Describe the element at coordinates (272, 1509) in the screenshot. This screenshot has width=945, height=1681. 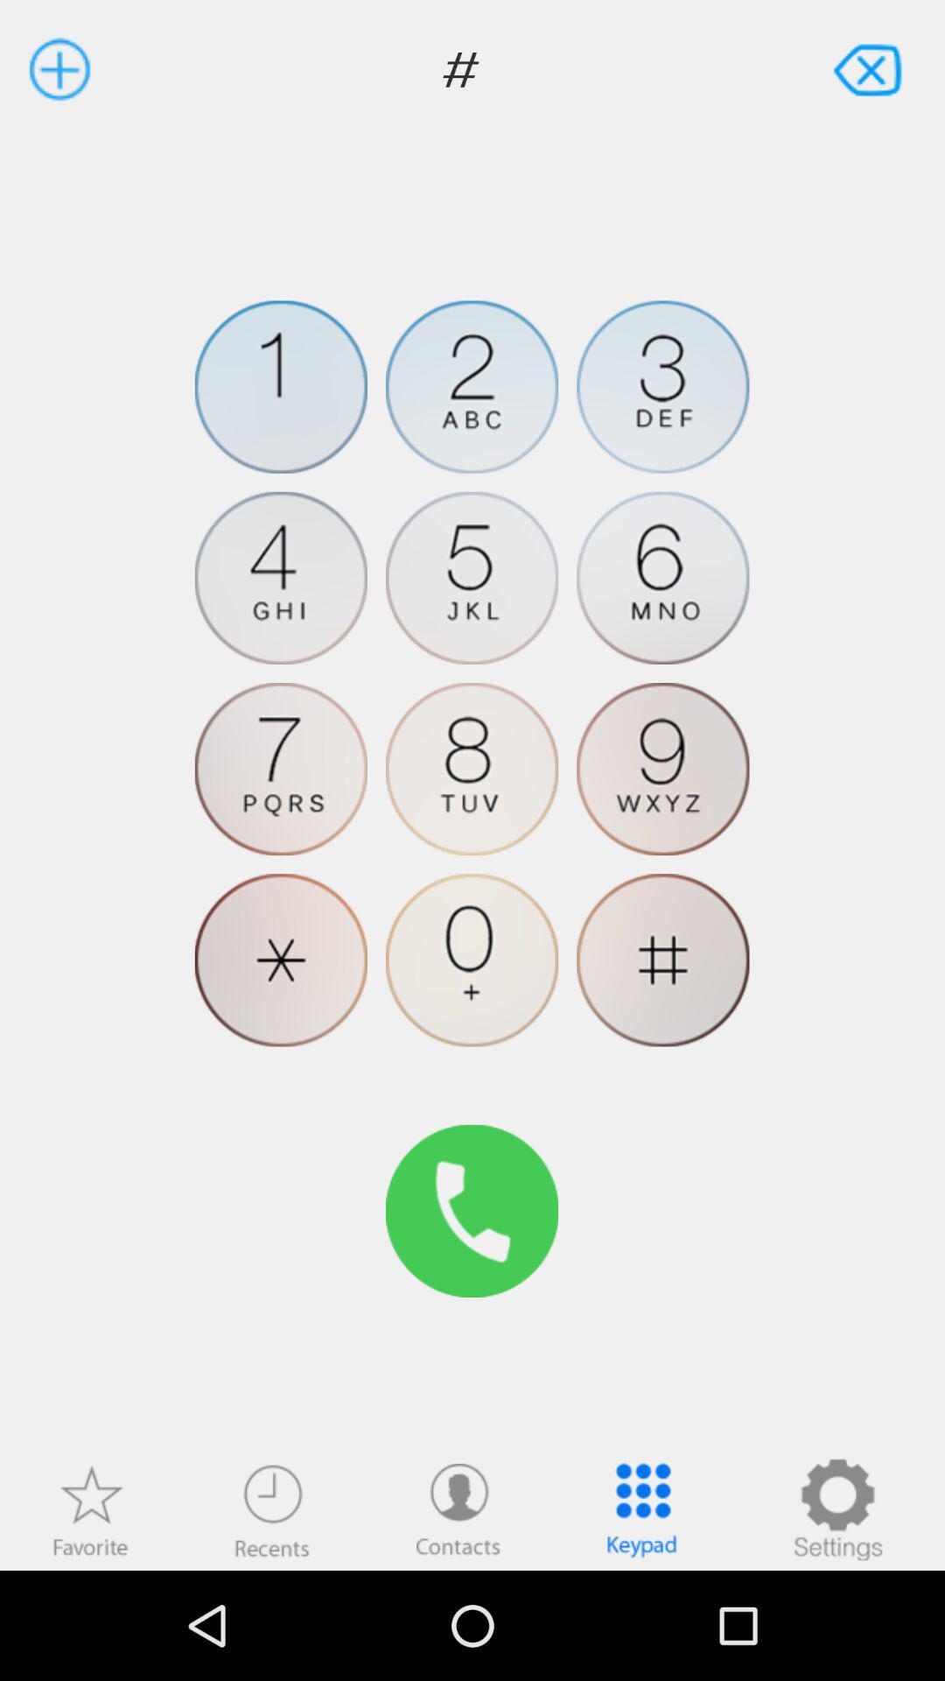
I see `recent calls` at that location.